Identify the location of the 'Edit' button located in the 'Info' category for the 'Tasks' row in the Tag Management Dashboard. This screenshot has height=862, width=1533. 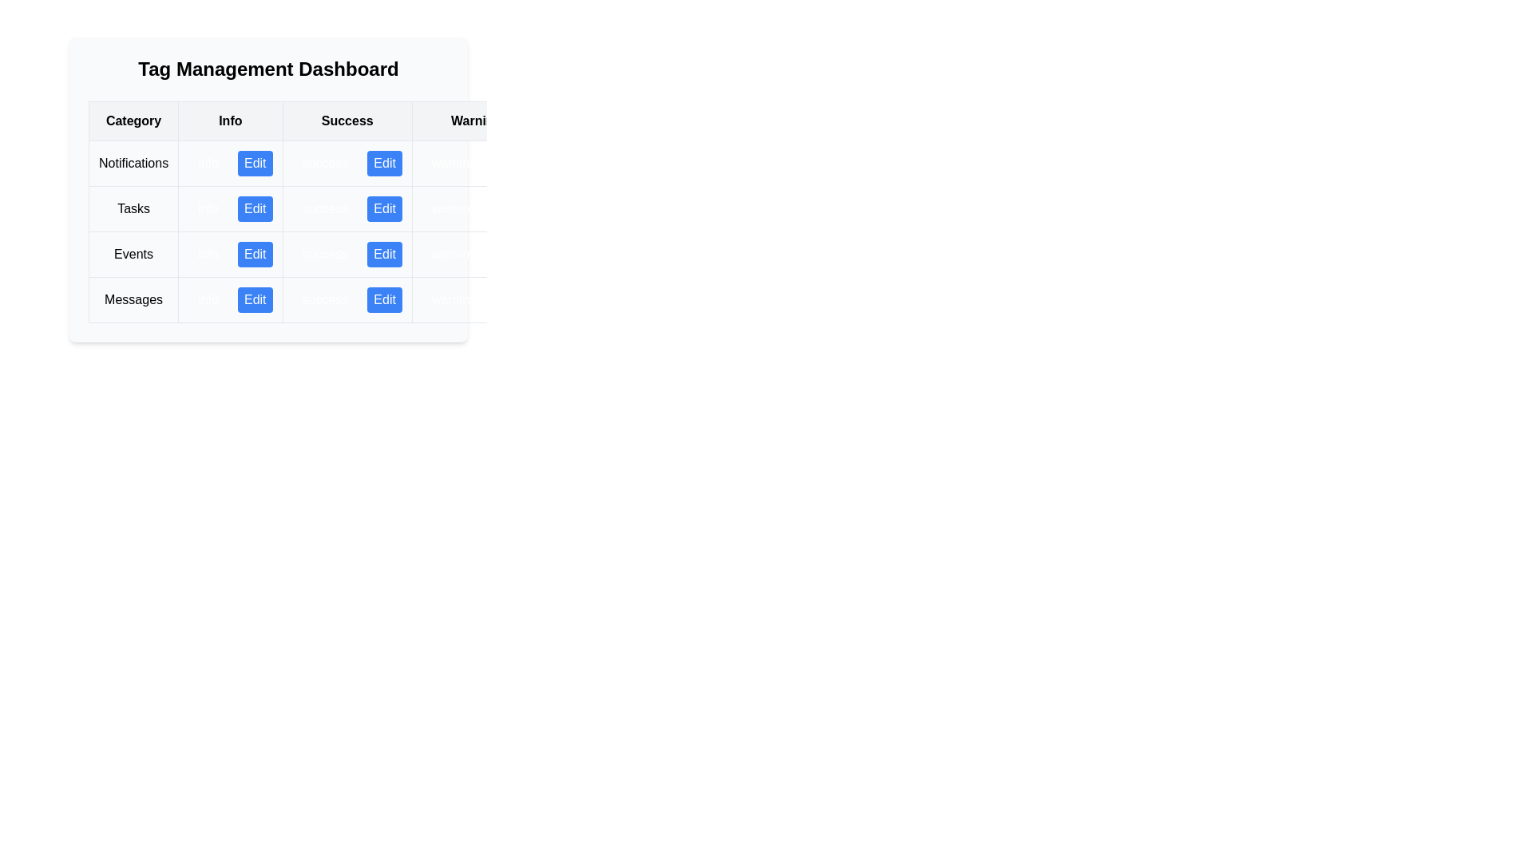
(268, 189).